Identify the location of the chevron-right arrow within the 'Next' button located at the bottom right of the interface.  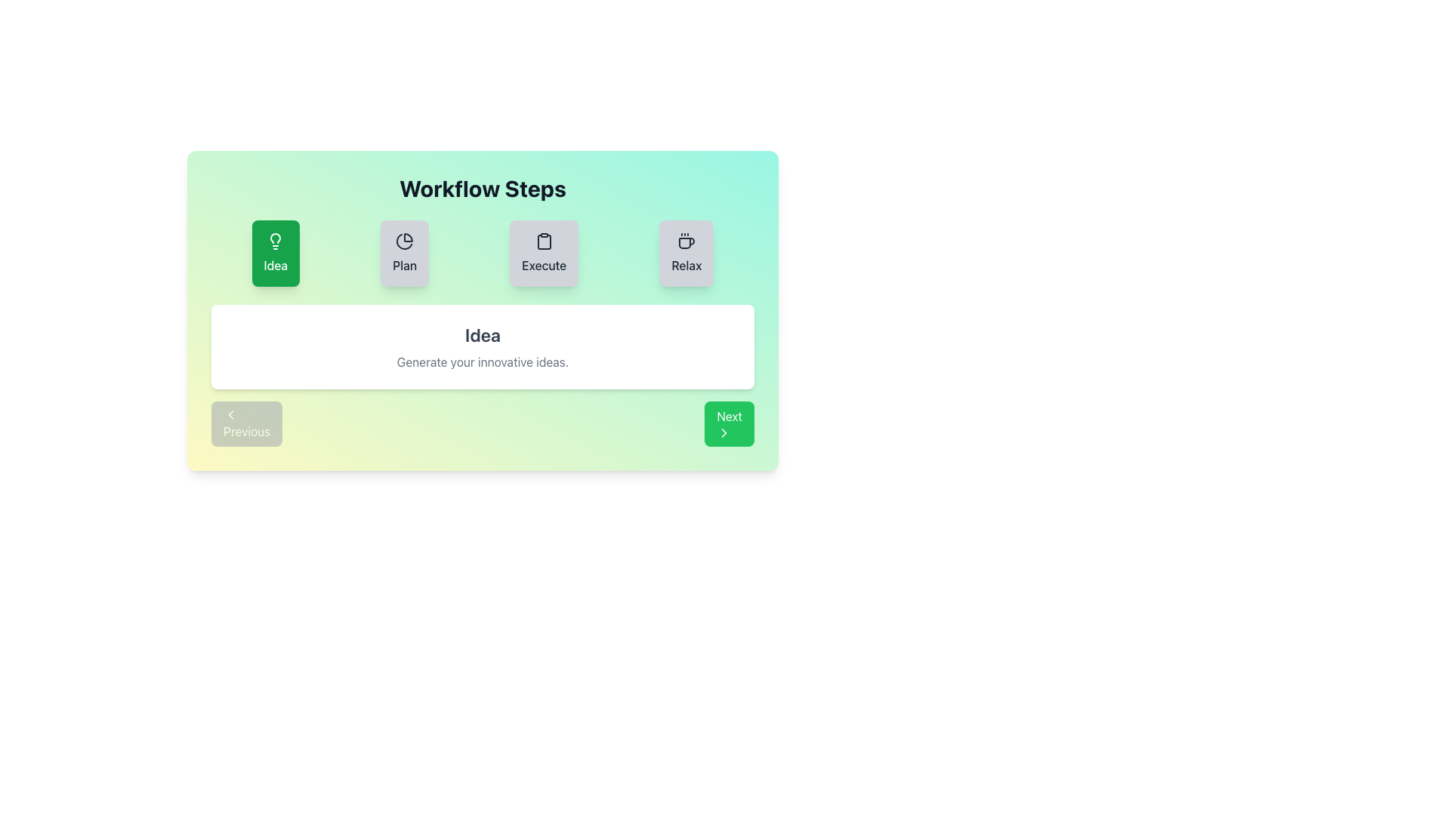
(723, 433).